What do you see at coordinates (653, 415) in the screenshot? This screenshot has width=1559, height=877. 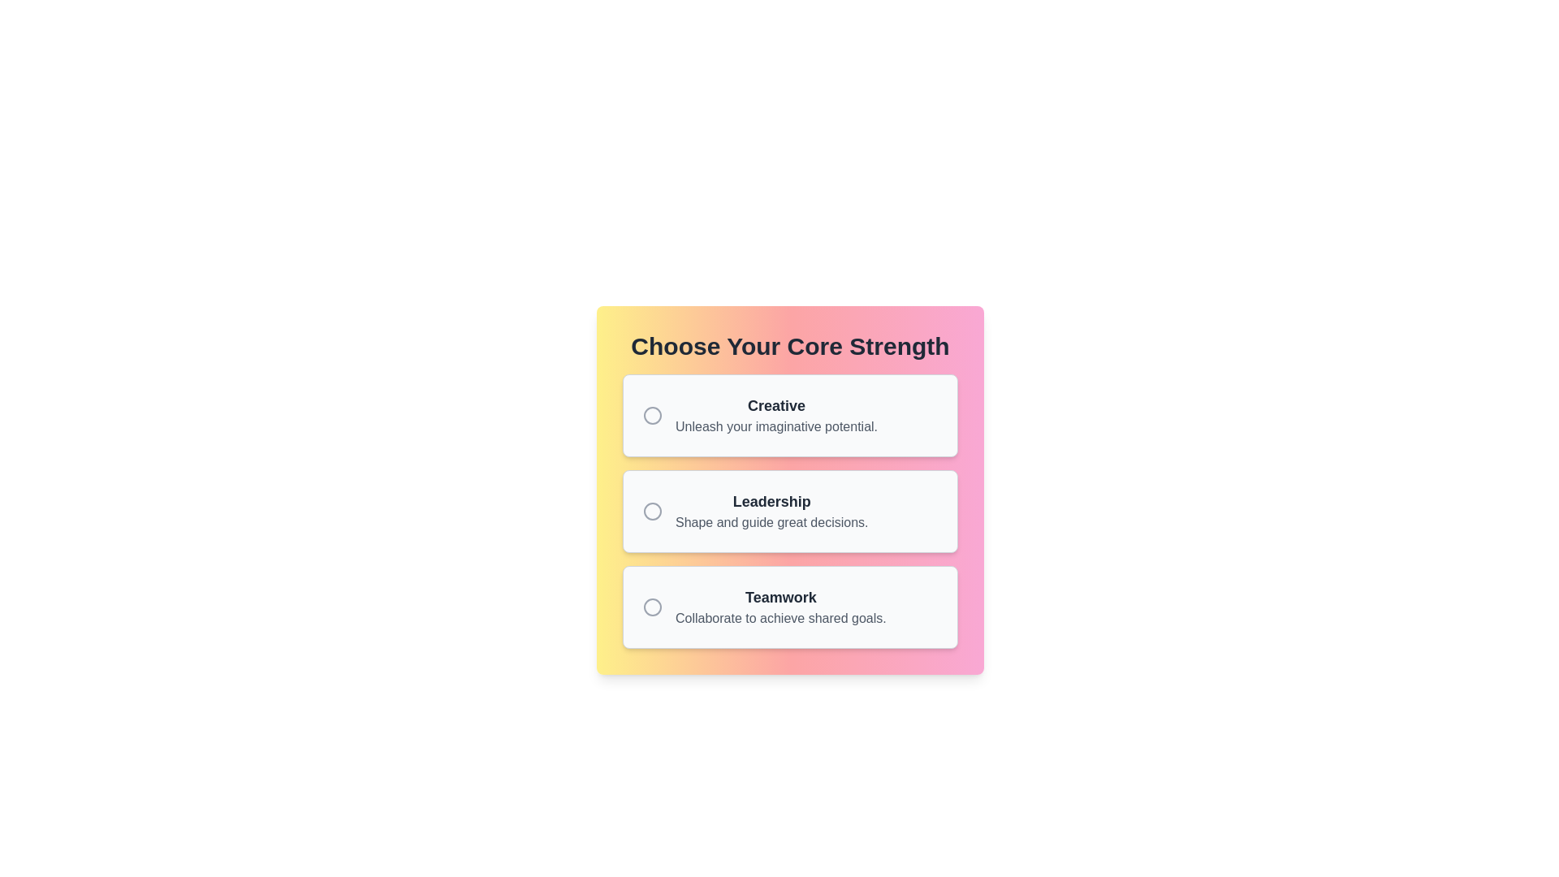 I see `the radio button styled as a circle to select the 'Creative' option from the list of core strengths, which is positioned at the leftmost side of the 'Creative' section` at bounding box center [653, 415].